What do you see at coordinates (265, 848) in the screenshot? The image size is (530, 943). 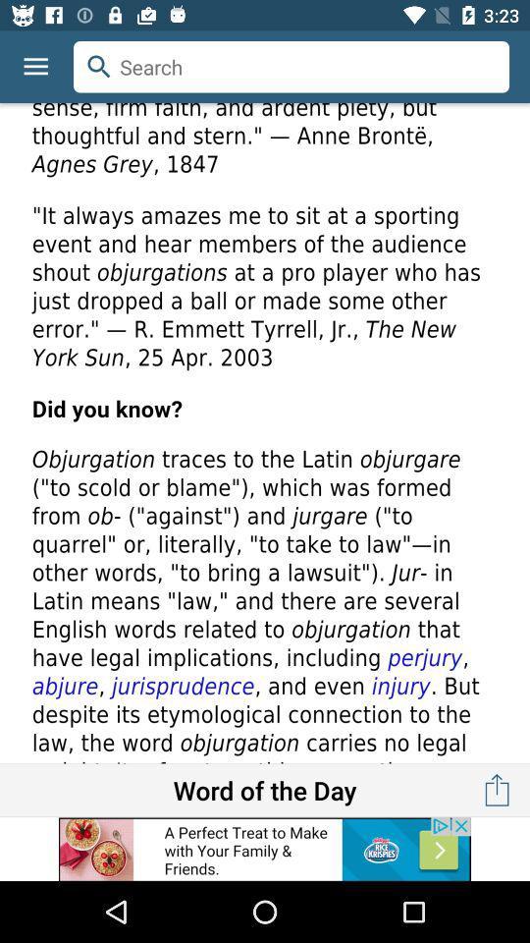 I see `advertisement page` at bounding box center [265, 848].